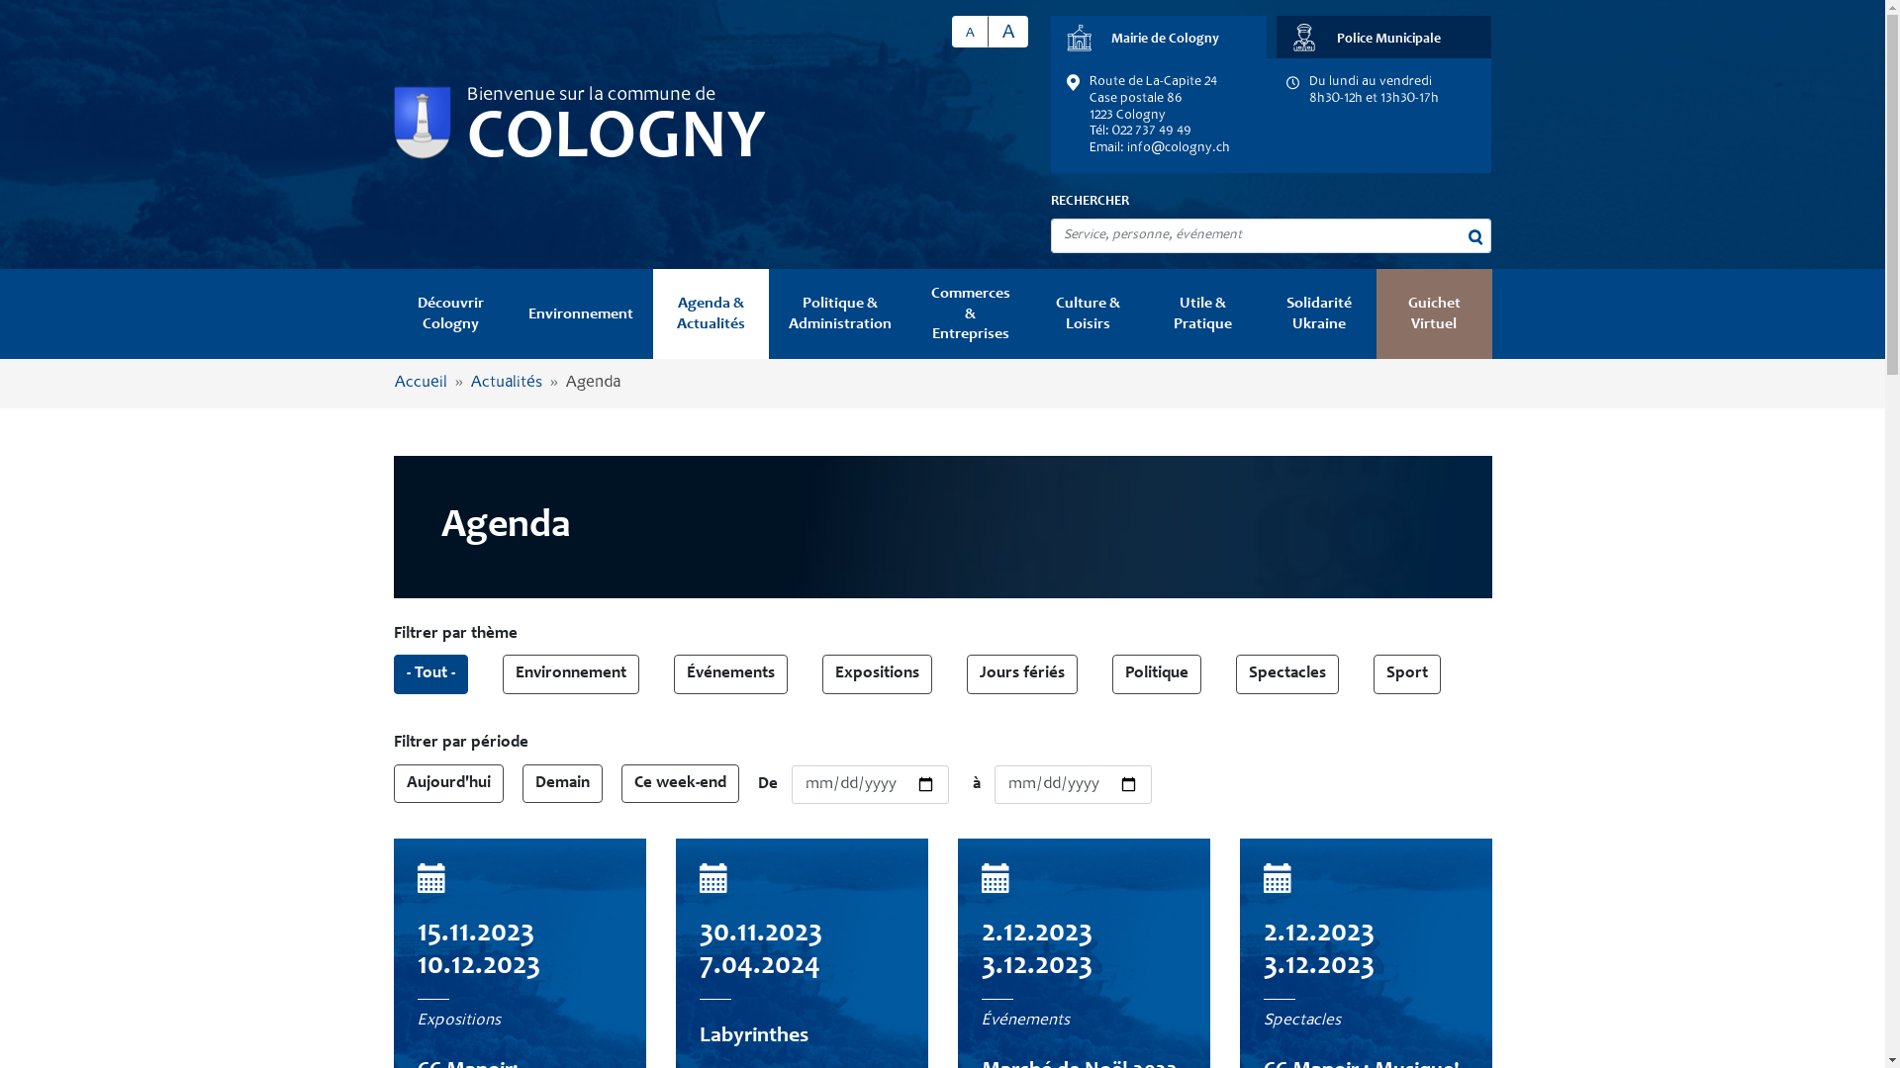  What do you see at coordinates (970, 31) in the screenshot?
I see `'A'` at bounding box center [970, 31].